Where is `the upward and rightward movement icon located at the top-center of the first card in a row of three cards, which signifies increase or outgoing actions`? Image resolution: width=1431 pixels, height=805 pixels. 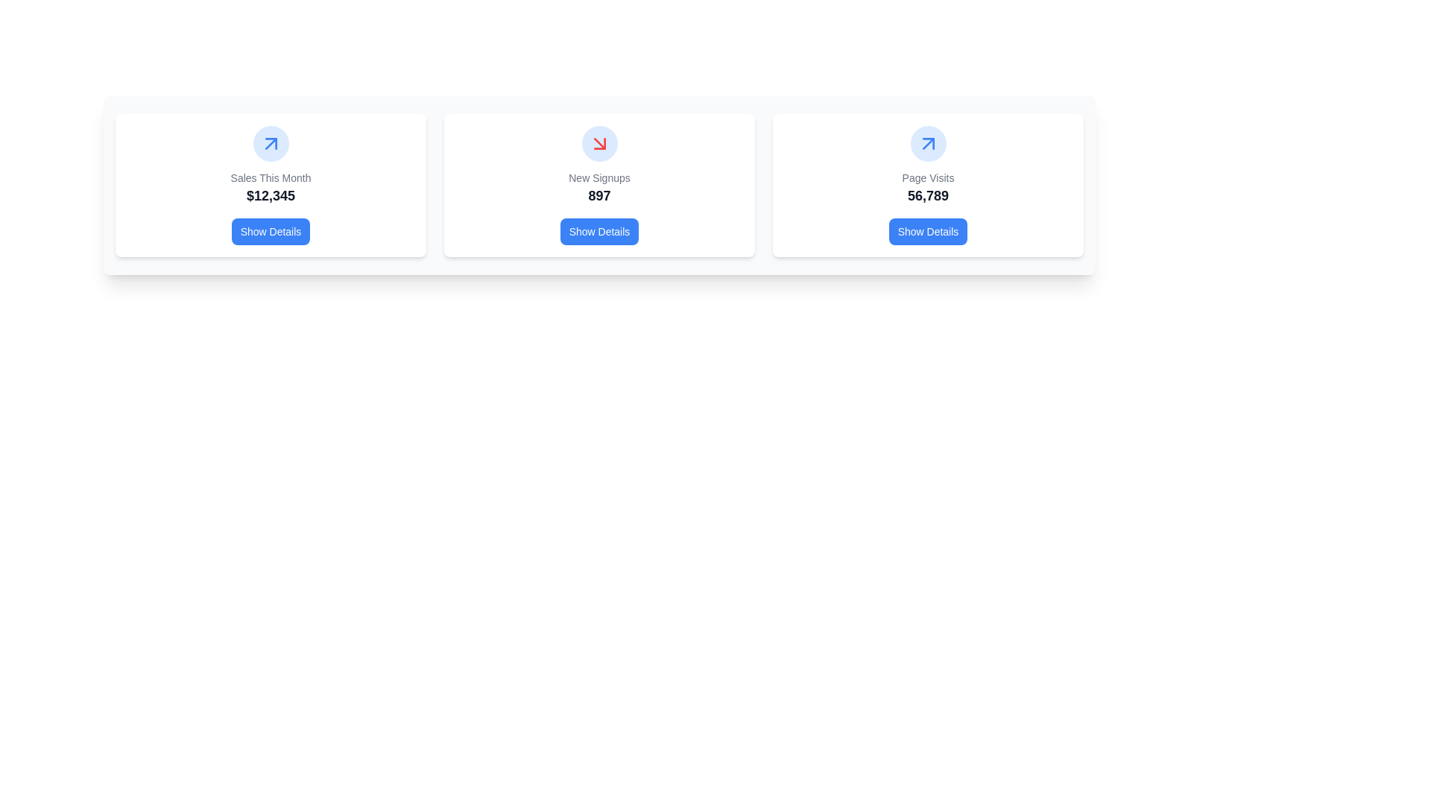 the upward and rightward movement icon located at the top-center of the first card in a row of three cards, which signifies increase or outgoing actions is located at coordinates (271, 143).